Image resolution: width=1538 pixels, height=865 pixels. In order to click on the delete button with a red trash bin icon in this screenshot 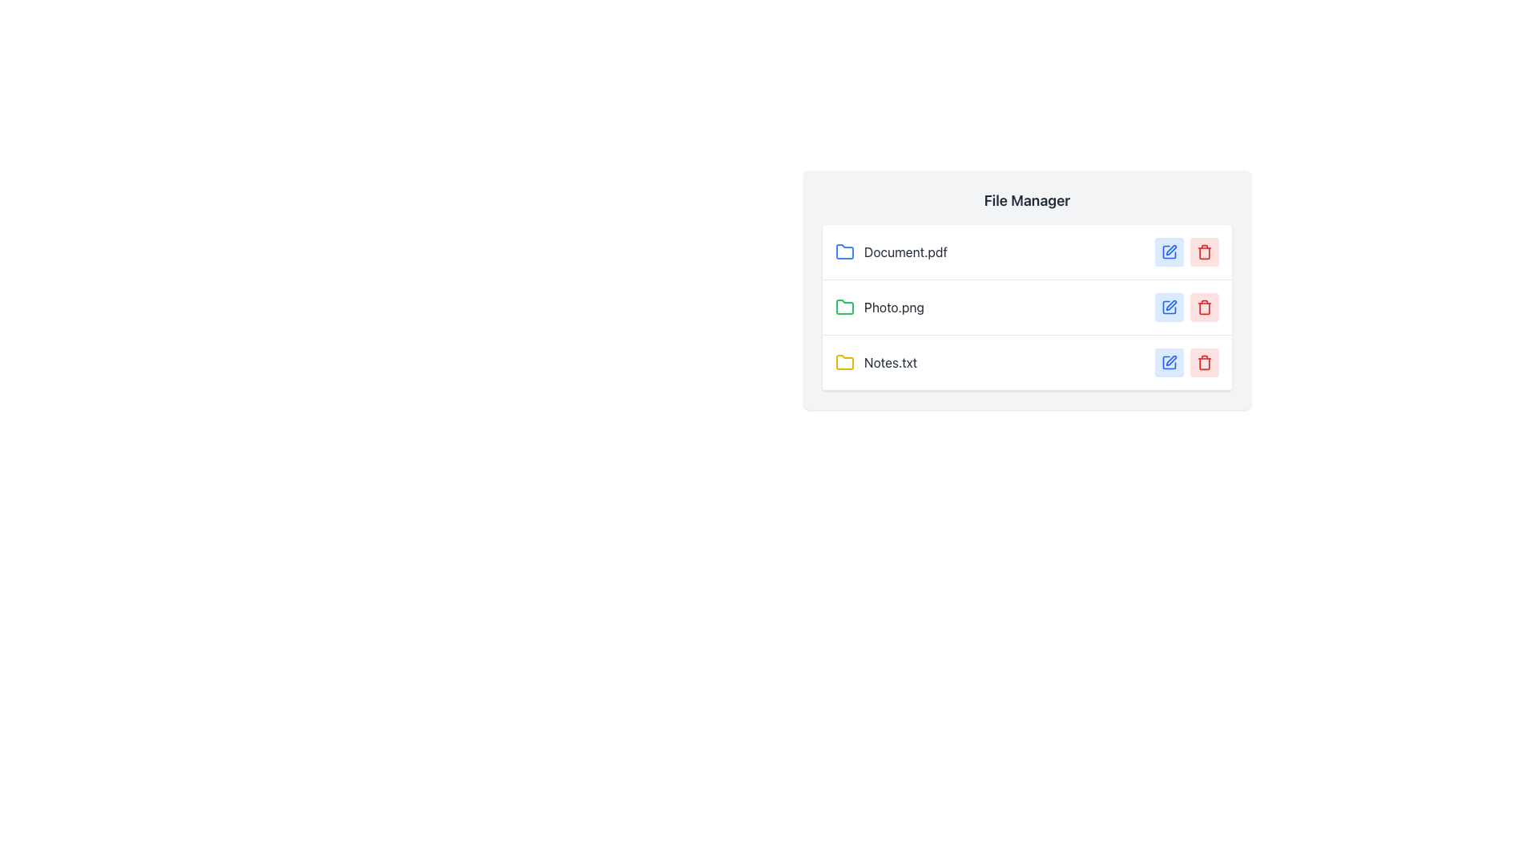, I will do `click(1204, 362)`.